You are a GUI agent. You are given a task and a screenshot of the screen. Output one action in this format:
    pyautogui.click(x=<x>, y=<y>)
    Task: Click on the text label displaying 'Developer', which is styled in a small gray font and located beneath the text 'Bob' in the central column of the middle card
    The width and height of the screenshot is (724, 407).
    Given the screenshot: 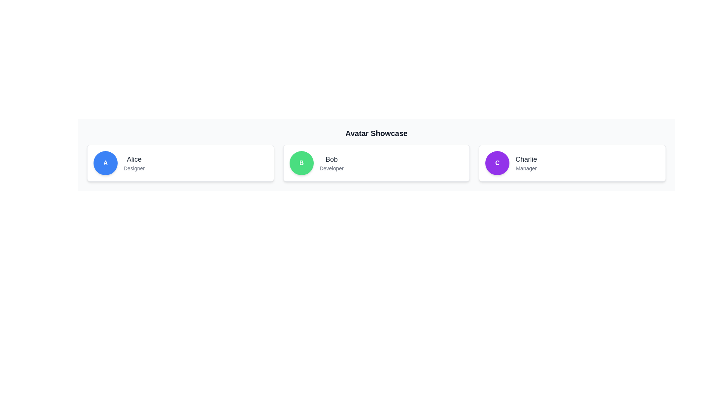 What is the action you would take?
    pyautogui.click(x=331, y=168)
    